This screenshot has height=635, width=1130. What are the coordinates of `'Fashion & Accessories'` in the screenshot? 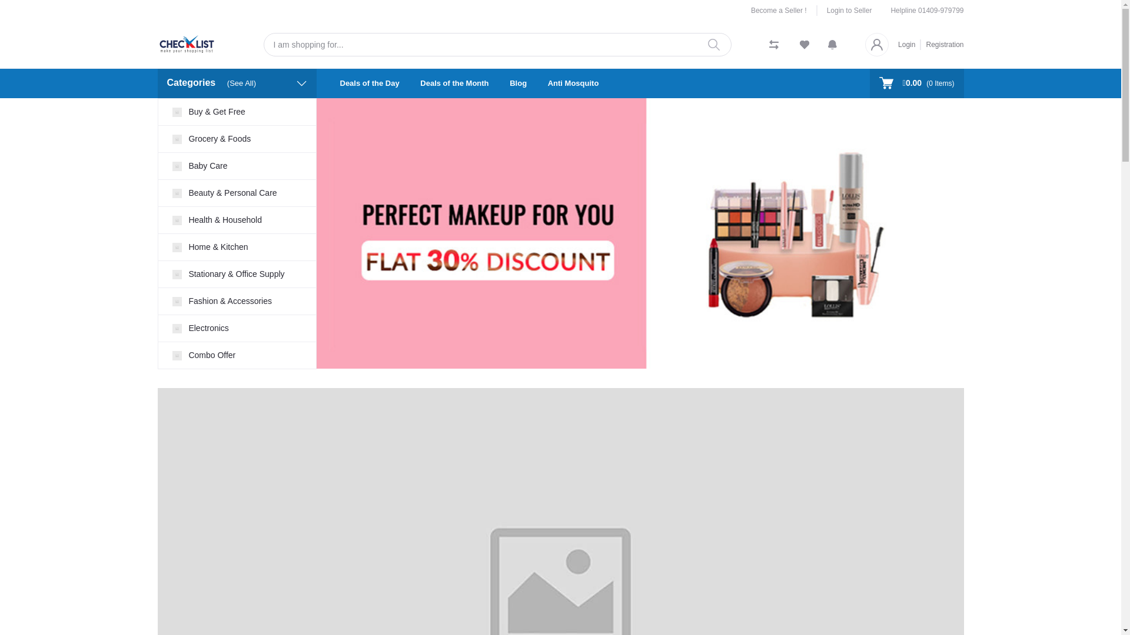 It's located at (236, 300).